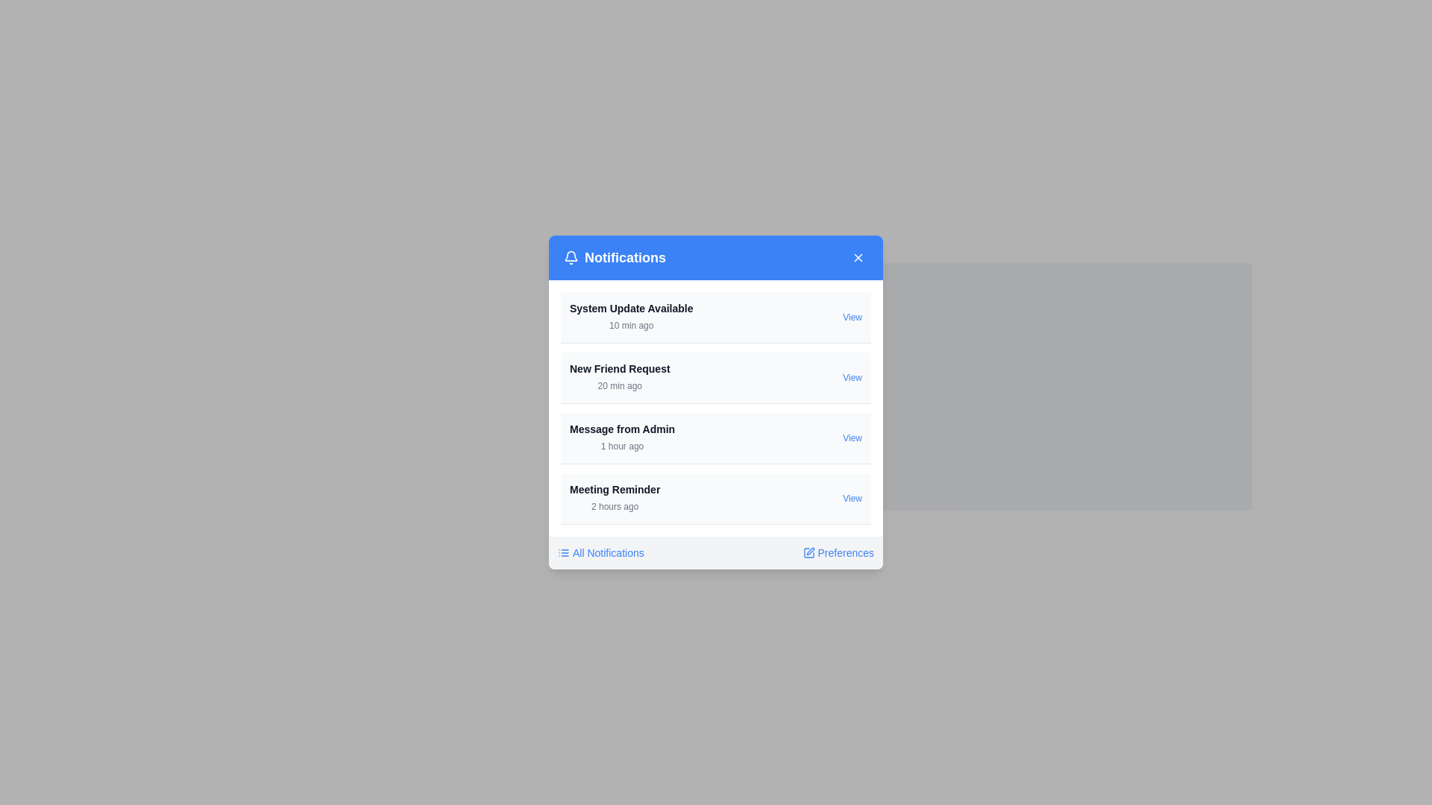 The width and height of the screenshot is (1432, 805). What do you see at coordinates (615, 257) in the screenshot?
I see `text of the label indicating the notifications interface, which is located near the left side of the blue header bar at the top of the notification modal, adjacent to a bell icon and a close button` at bounding box center [615, 257].